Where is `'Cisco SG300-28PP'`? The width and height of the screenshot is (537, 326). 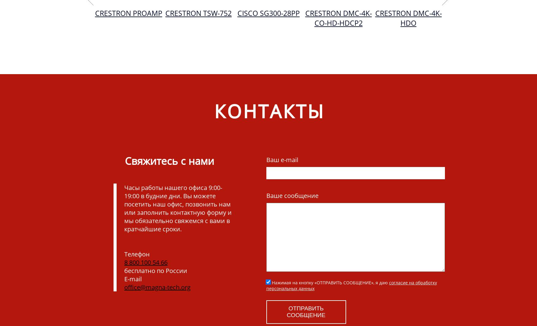
'Cisco SG300-28PP' is located at coordinates (237, 13).